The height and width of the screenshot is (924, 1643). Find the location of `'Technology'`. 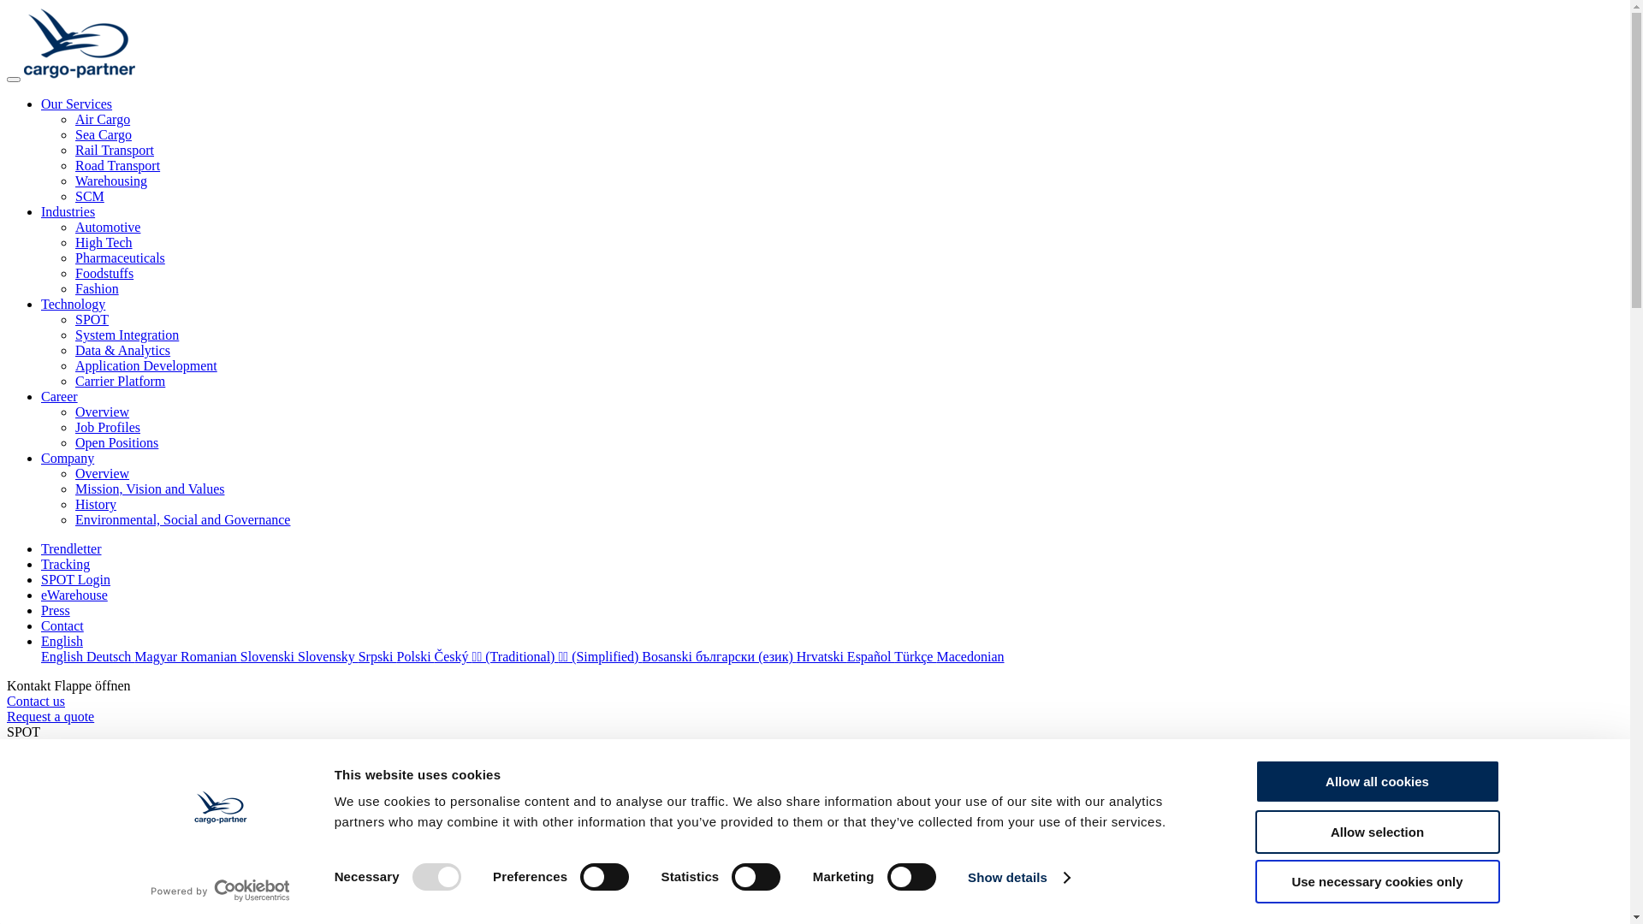

'Technology' is located at coordinates (72, 303).